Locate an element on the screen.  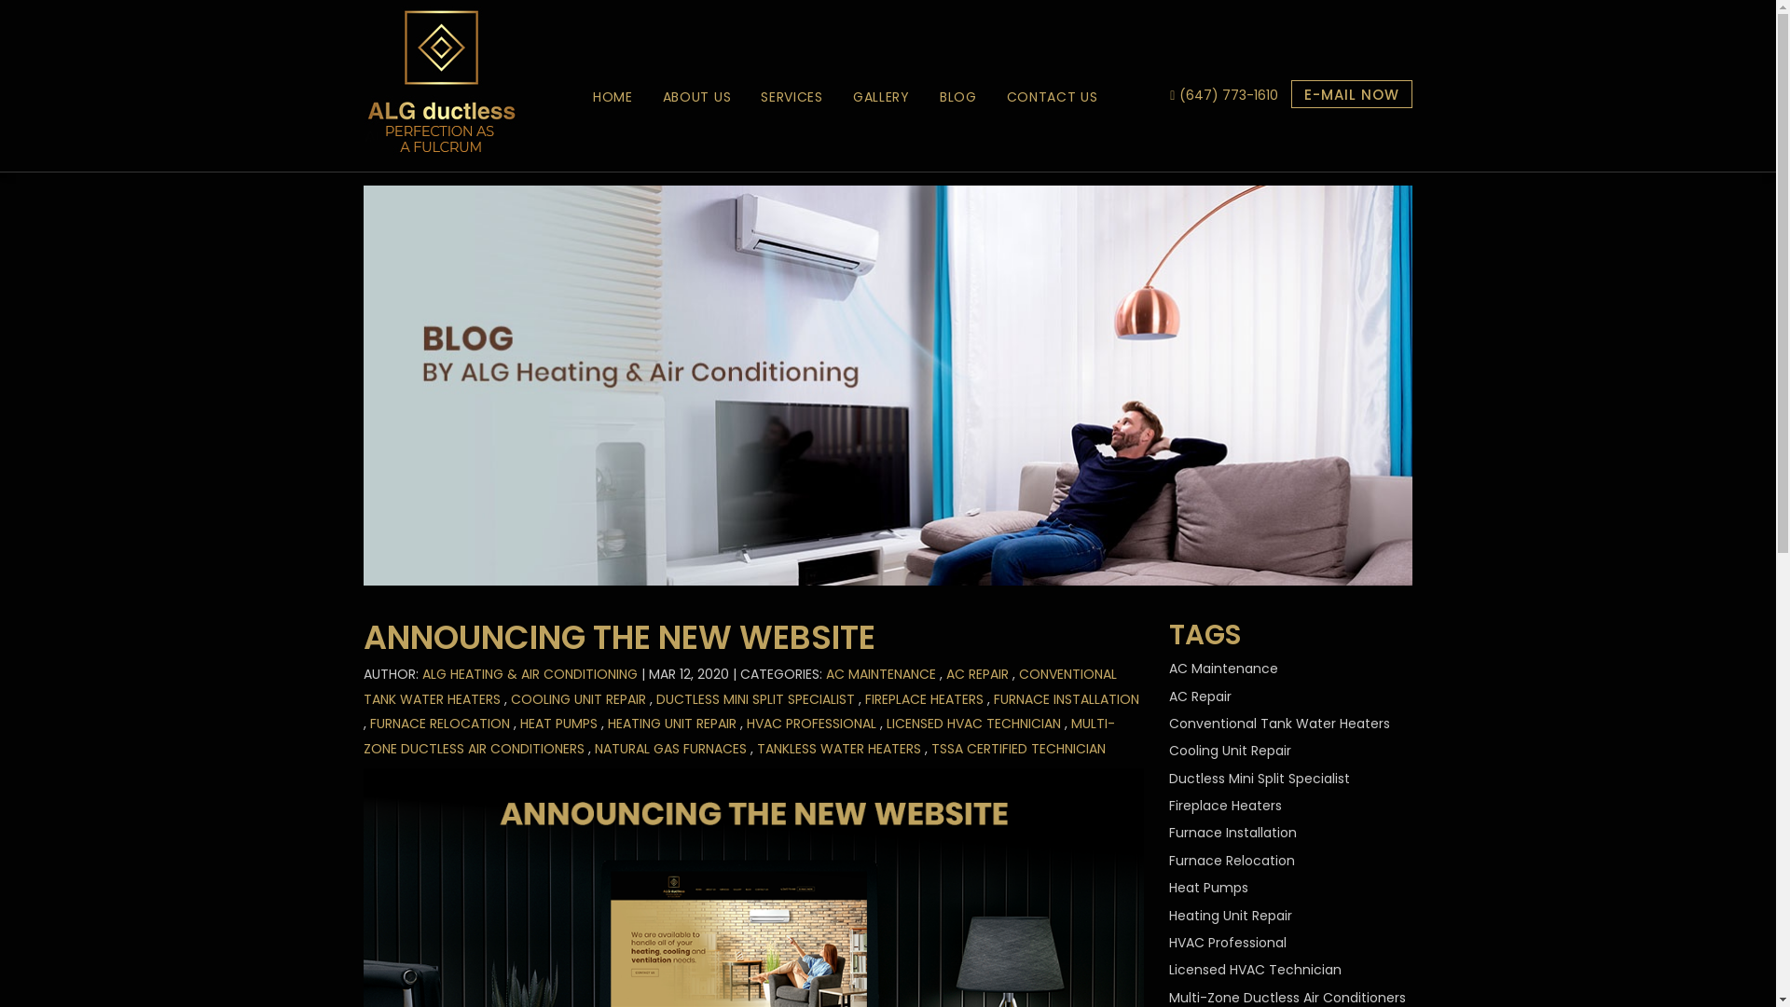
'CONTACT US' is located at coordinates (1052, 97).